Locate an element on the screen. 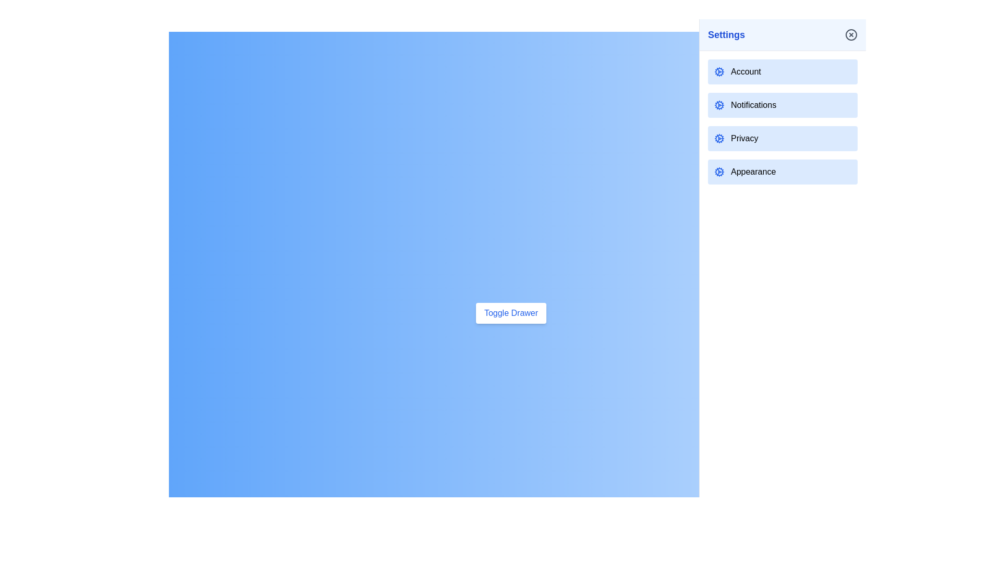 Image resolution: width=1001 pixels, height=563 pixels. the Notifications setting in the drawer is located at coordinates (783, 105).